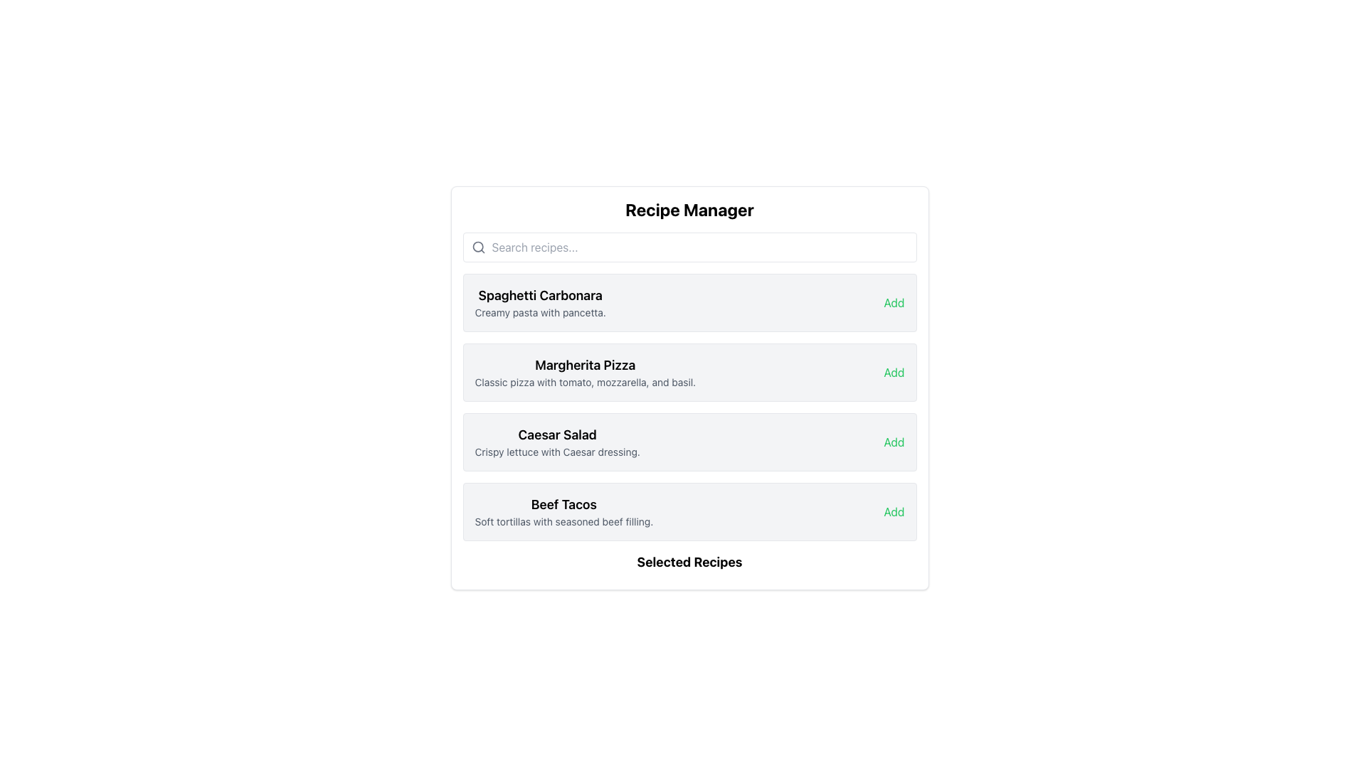 This screenshot has width=1366, height=768. I want to click on text from the Text Label element displaying 'Caesar Salad', which is the first line of the third item in a vertical list layout, so click(556, 434).